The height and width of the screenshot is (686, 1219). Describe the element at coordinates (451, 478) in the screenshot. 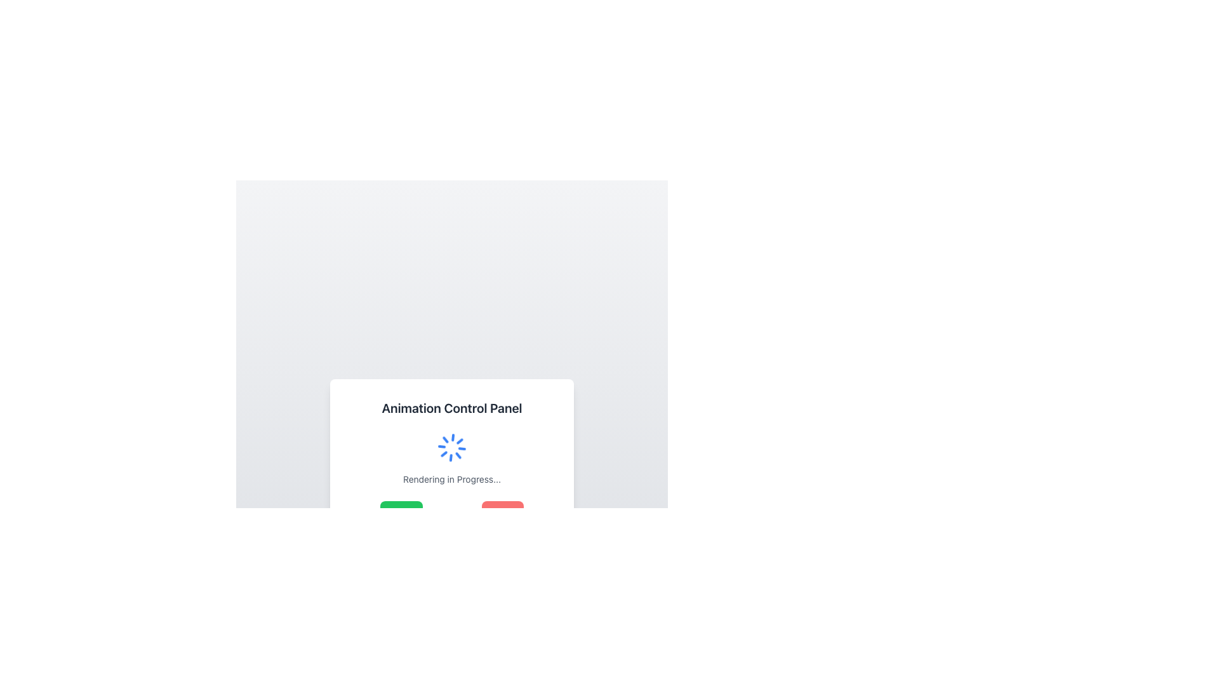

I see `the text label displaying 'Rendering in Progress...' which is styled with a small font size and gray color, located below the spinning indicator in the application interface` at that location.